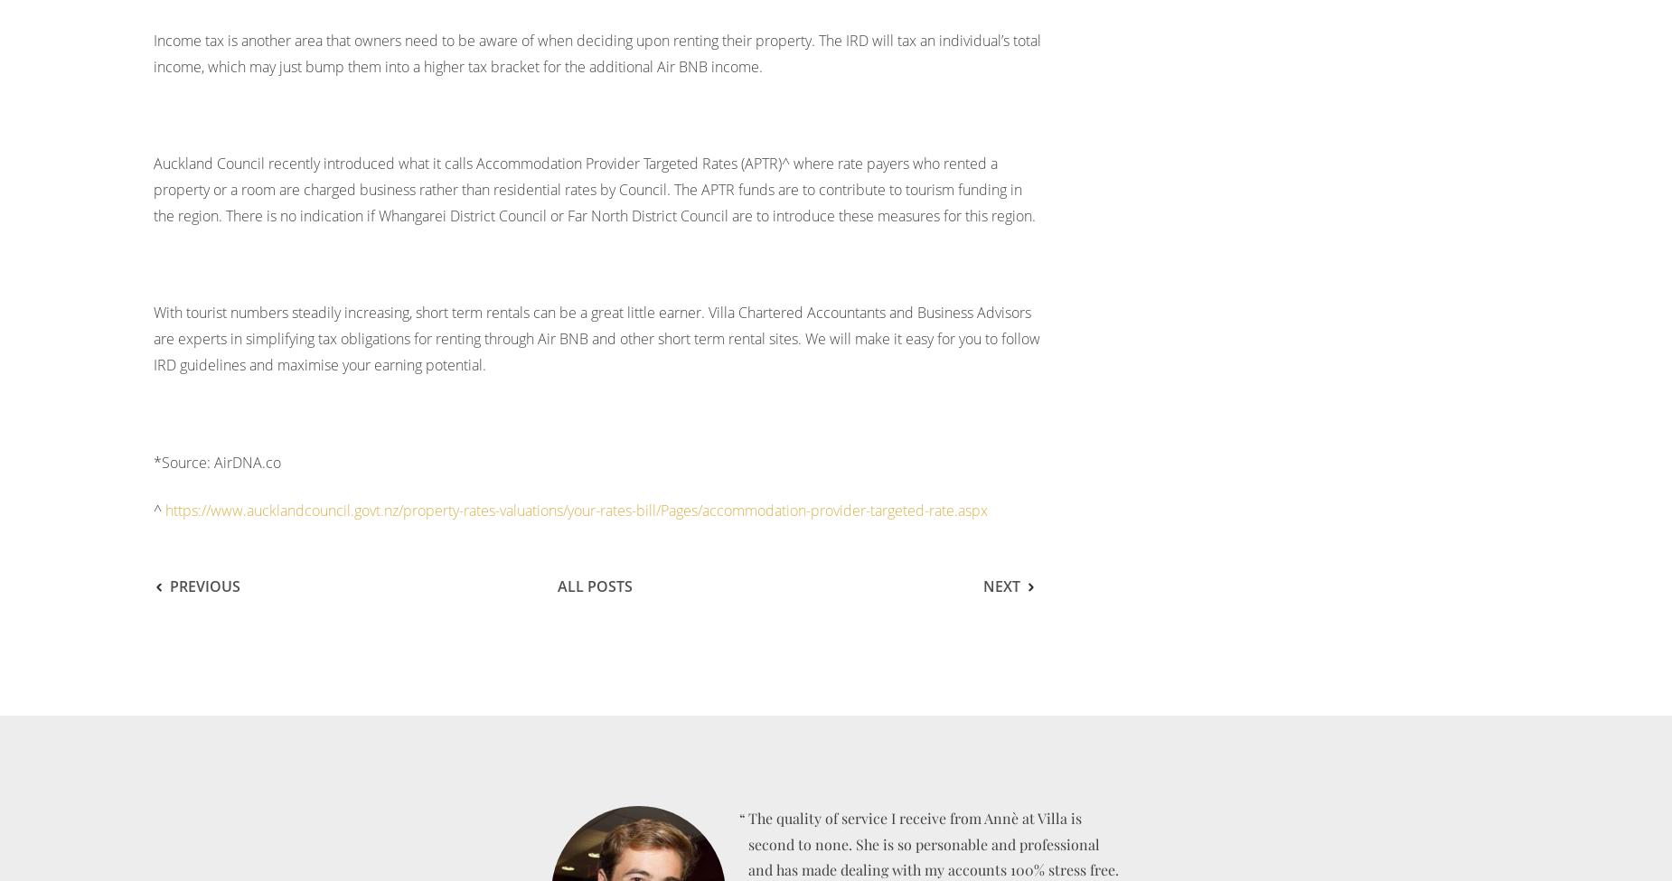  Describe the element at coordinates (216, 460) in the screenshot. I see `'*Source: AirDNA.co'` at that location.